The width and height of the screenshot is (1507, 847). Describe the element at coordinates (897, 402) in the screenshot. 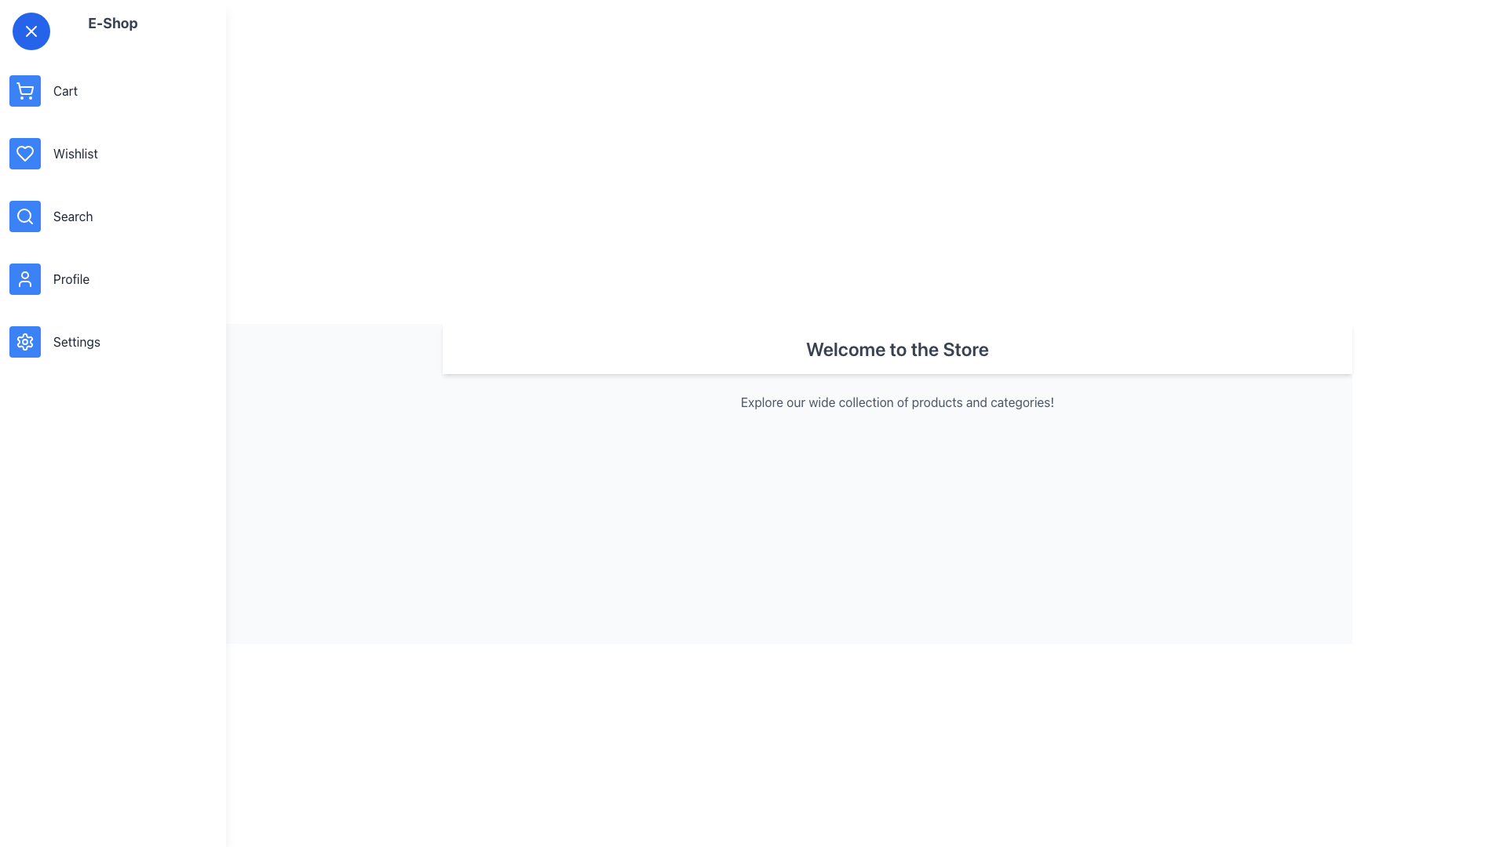

I see `text label that says 'Explore our wide collection of products and categories!' located near the top-center of the main content section, beneath the header 'Welcome to the Store.'` at that location.